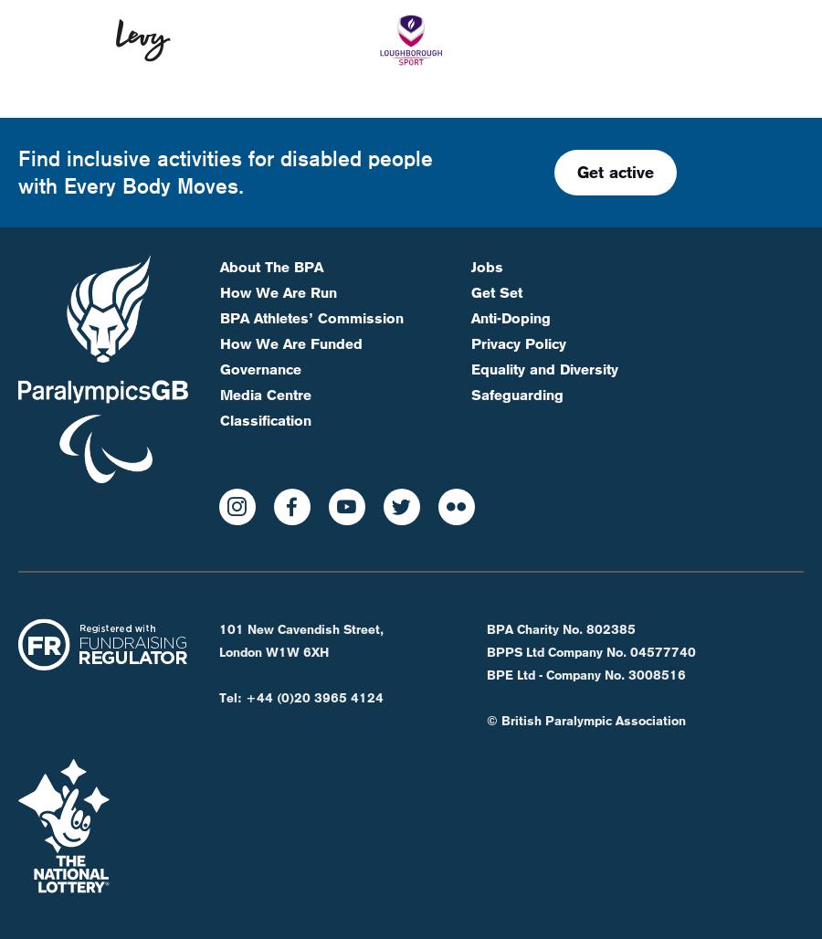 This screenshot has width=822, height=939. Describe the element at coordinates (264, 358) in the screenshot. I see `'Classification'` at that location.